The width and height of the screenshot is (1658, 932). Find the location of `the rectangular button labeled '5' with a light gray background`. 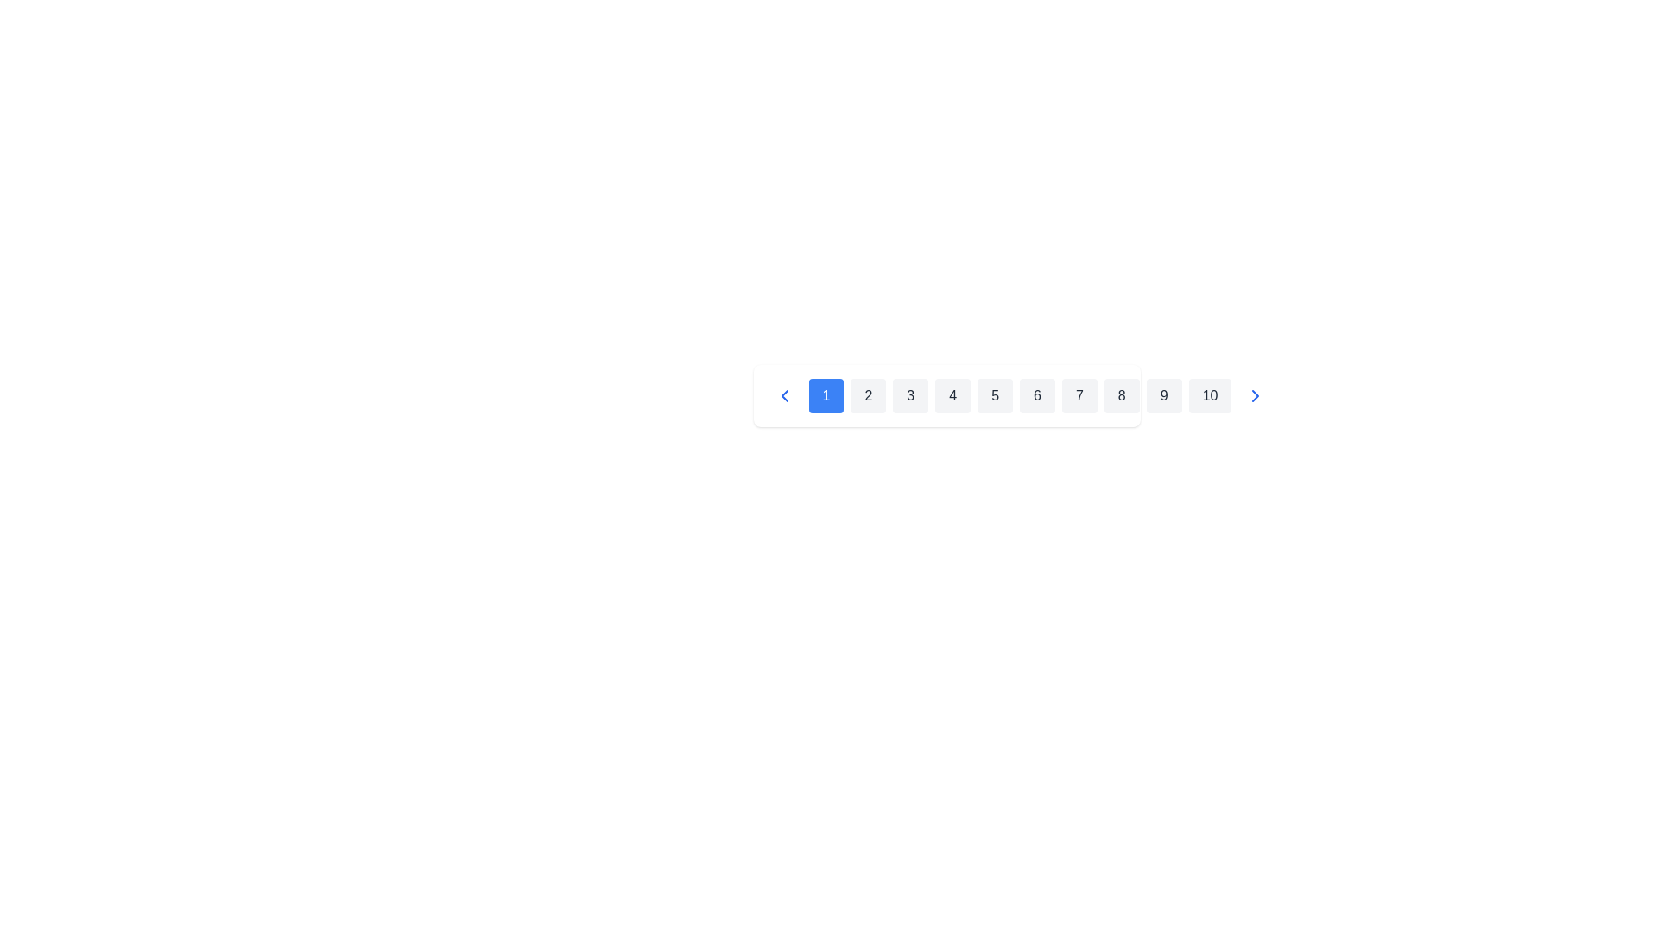

the rectangular button labeled '5' with a light gray background is located at coordinates (995, 396).